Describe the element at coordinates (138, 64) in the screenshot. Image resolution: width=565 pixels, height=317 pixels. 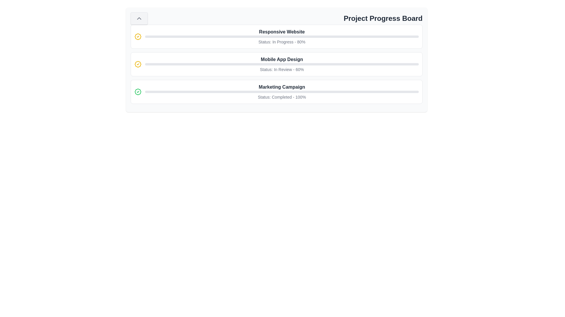
I see `the circular badge icon with a checkmark, which signifies approval or completion, located second from the top in the vertical list for the 'Mobile App Design' project` at that location.